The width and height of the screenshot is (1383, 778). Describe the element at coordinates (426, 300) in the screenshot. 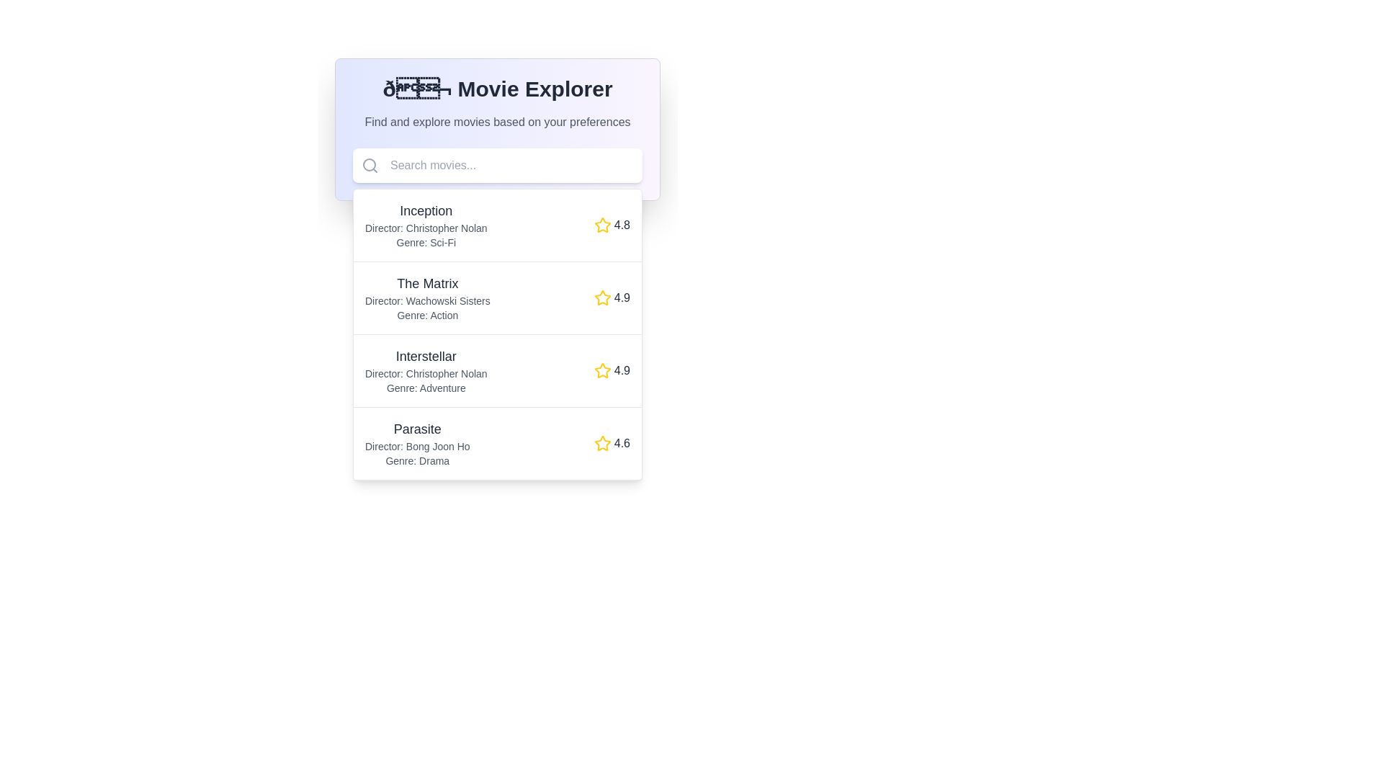

I see `the static text element that reads 'Director: Wachowski Sisters', which is located below the title 'The Matrix' and above 'Genre: Action' in the movie list` at that location.